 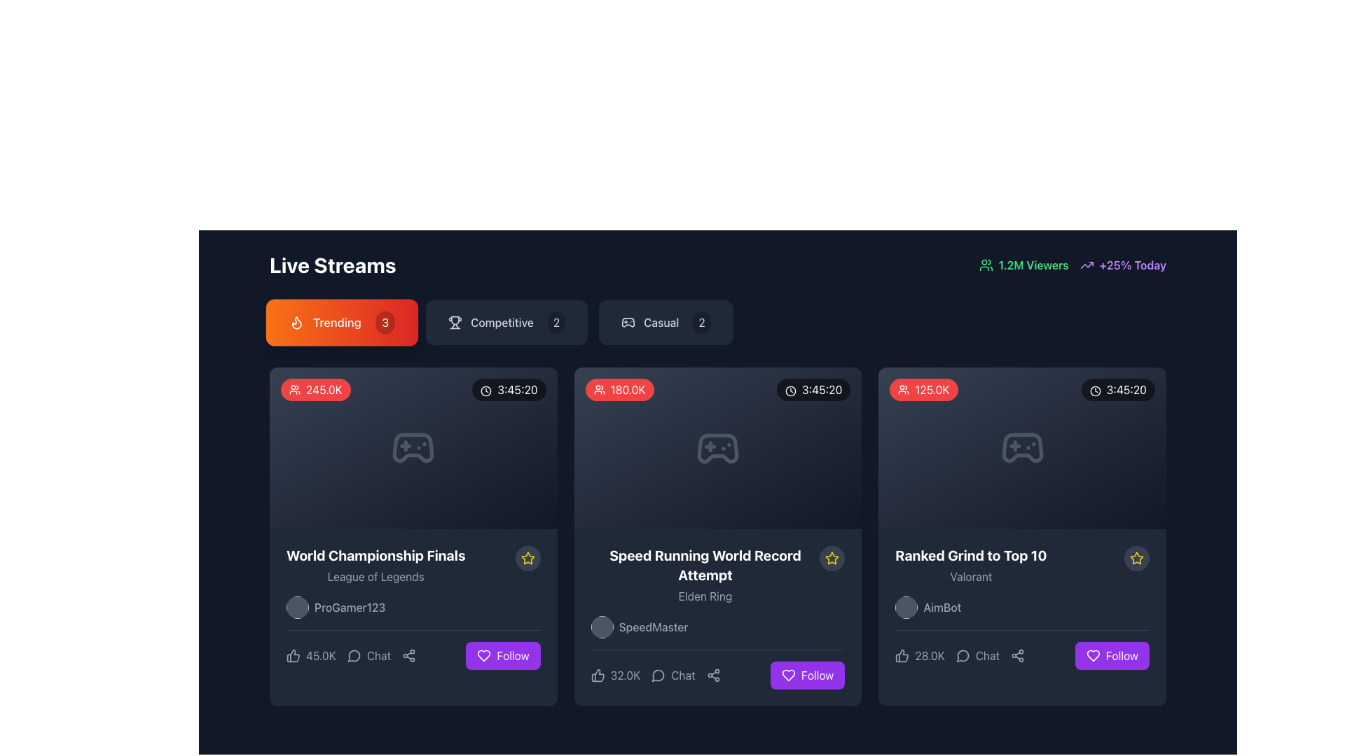 I want to click on the icons in the Composite UI element at the bottom right of the 'Speed Running World Record Attempt' panel, associated with the 'SpeedMaster' user, so click(x=717, y=668).